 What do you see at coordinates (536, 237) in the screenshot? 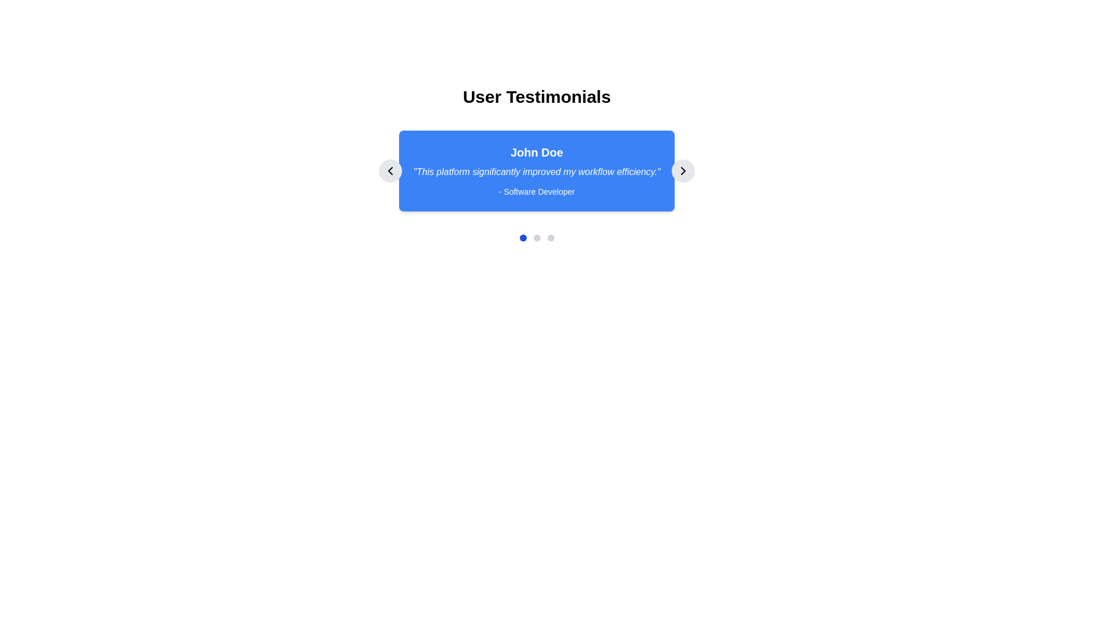
I see `the second dot indicator for carousel navigation to switch to the second testimonial` at bounding box center [536, 237].